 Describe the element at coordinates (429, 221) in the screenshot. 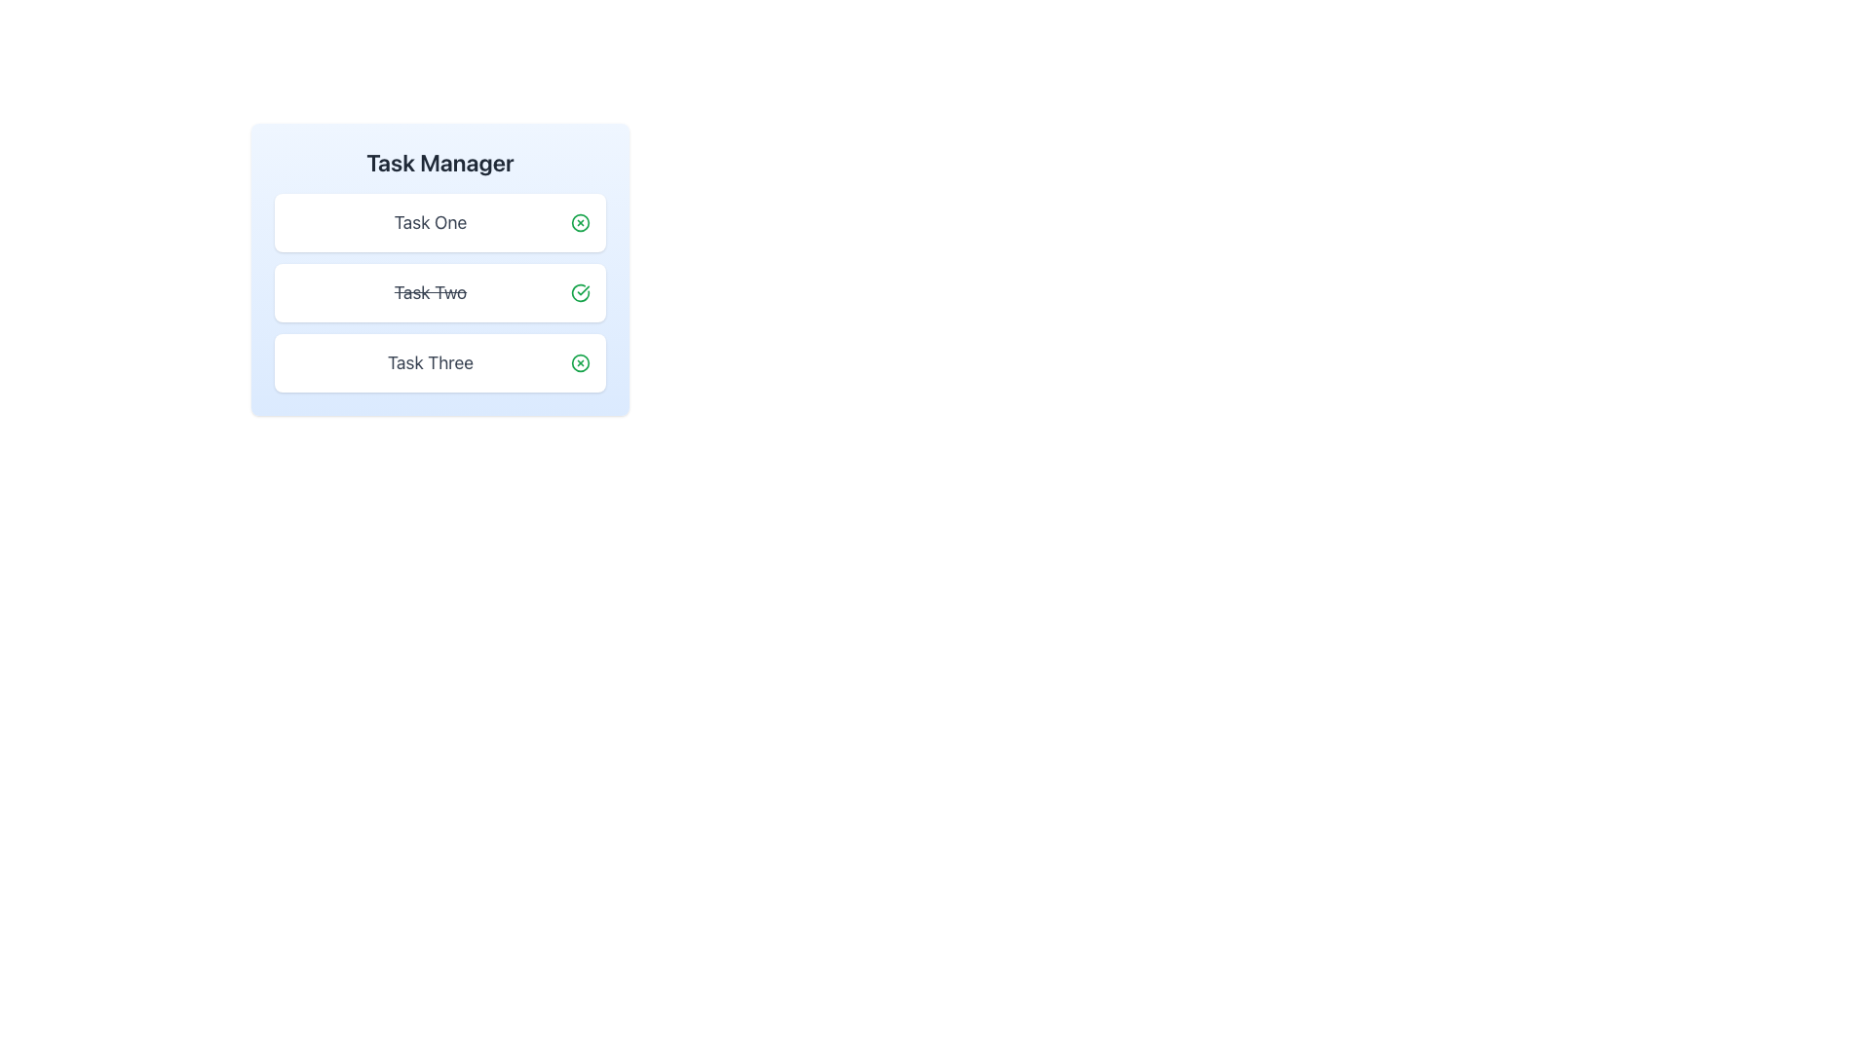

I see `the text element displaying 'Task One', which is styled in gray and located at the top of a vertical list of tasks inside a white card with rounded corners` at that location.